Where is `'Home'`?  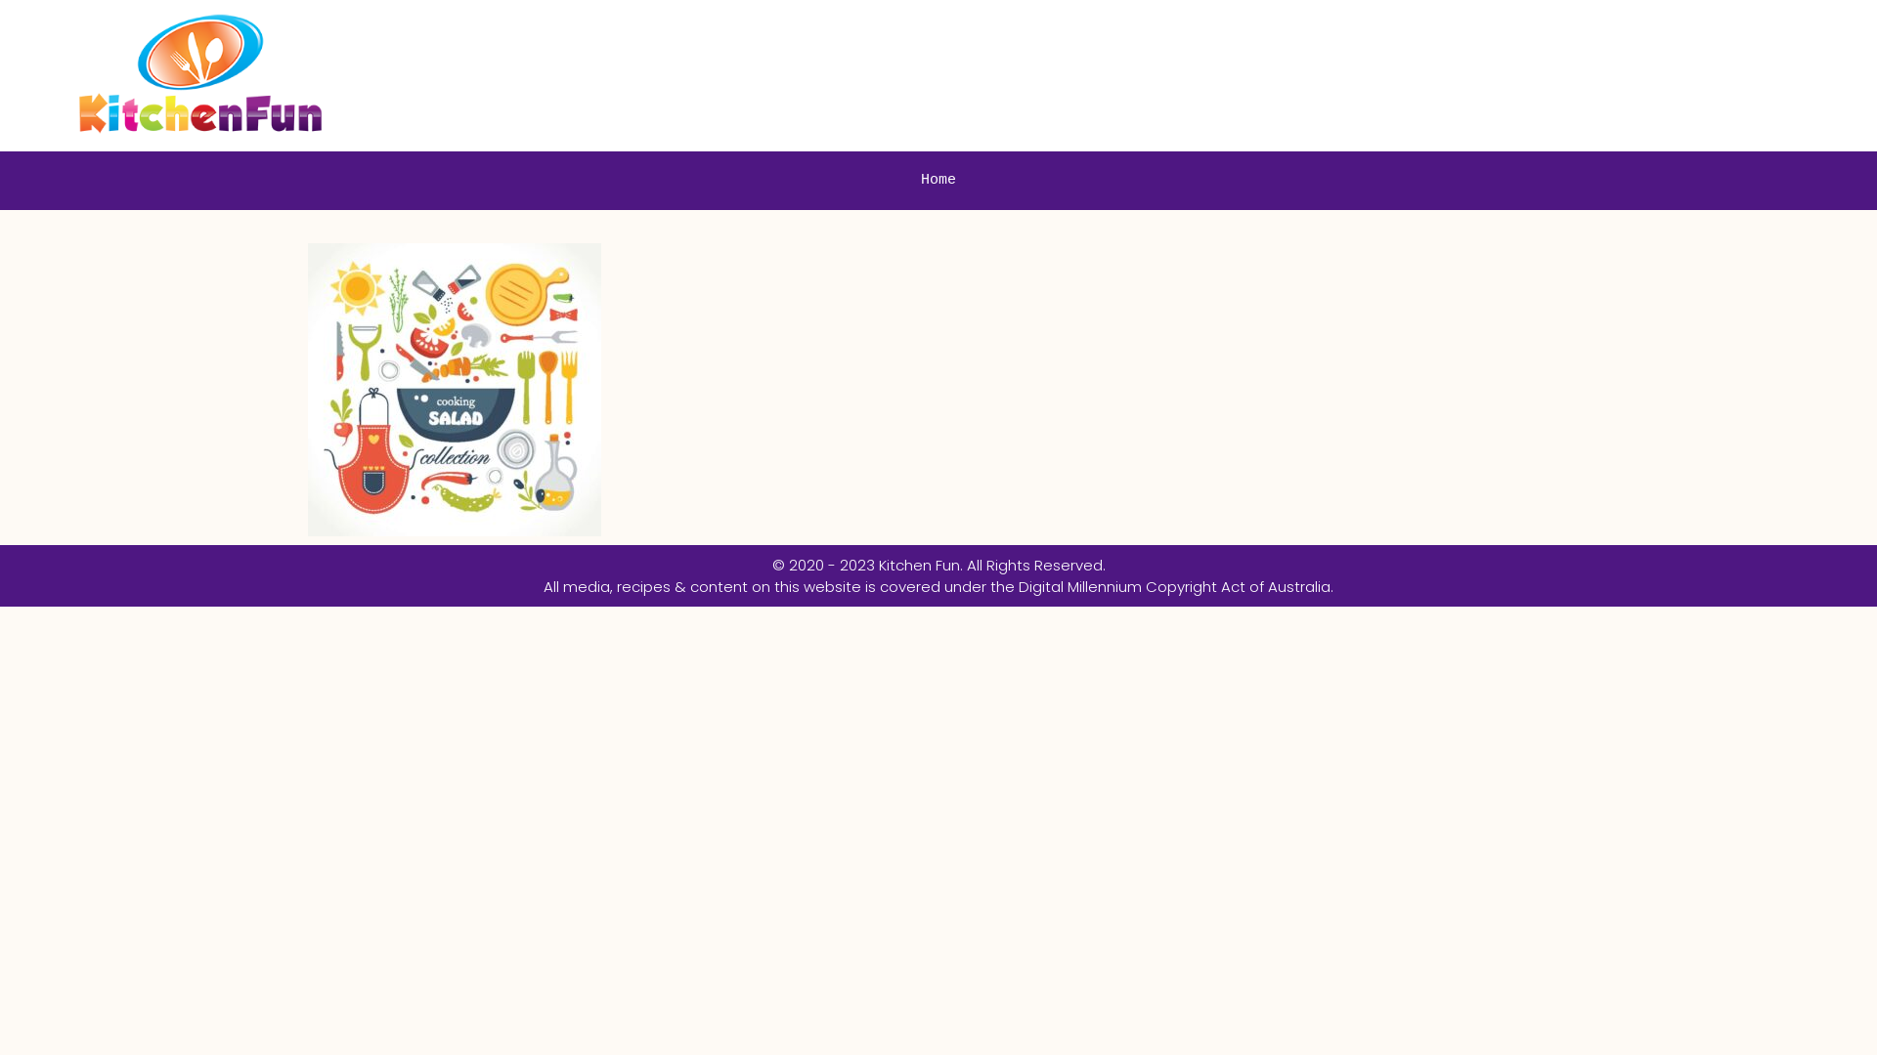 'Home' is located at coordinates (899, 181).